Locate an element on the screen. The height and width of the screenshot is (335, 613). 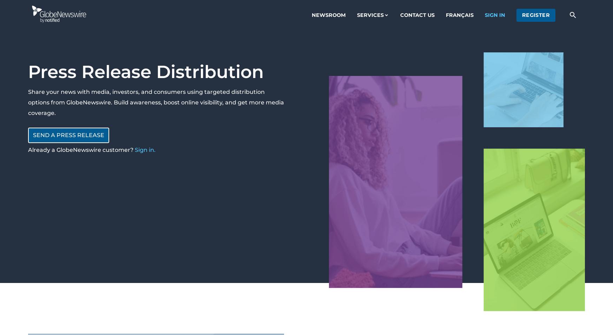
'contact us' is located at coordinates (417, 14).